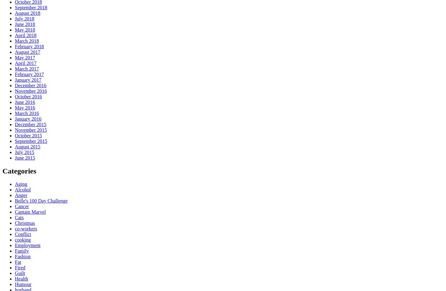 The image size is (446, 291). Describe the element at coordinates (14, 189) in the screenshot. I see `'Alcohol'` at that location.